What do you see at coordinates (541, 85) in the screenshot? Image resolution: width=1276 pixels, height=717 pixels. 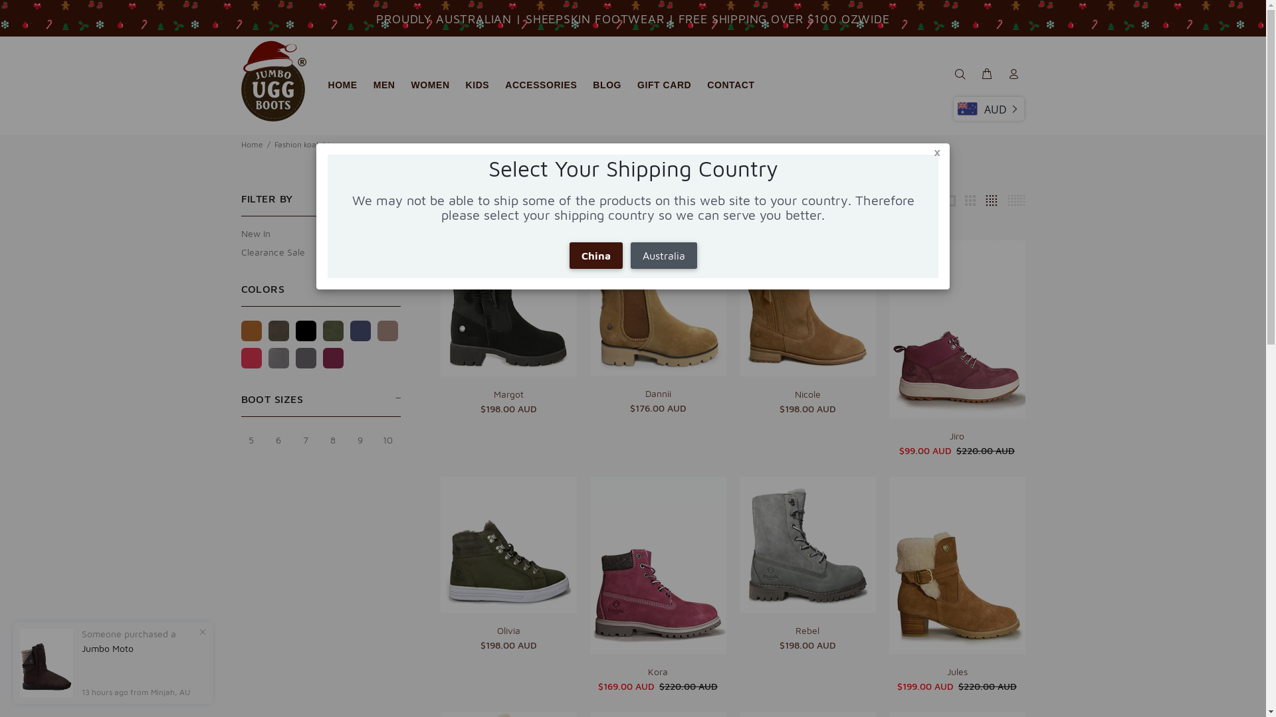 I see `'ACCESSORIES'` at bounding box center [541, 85].